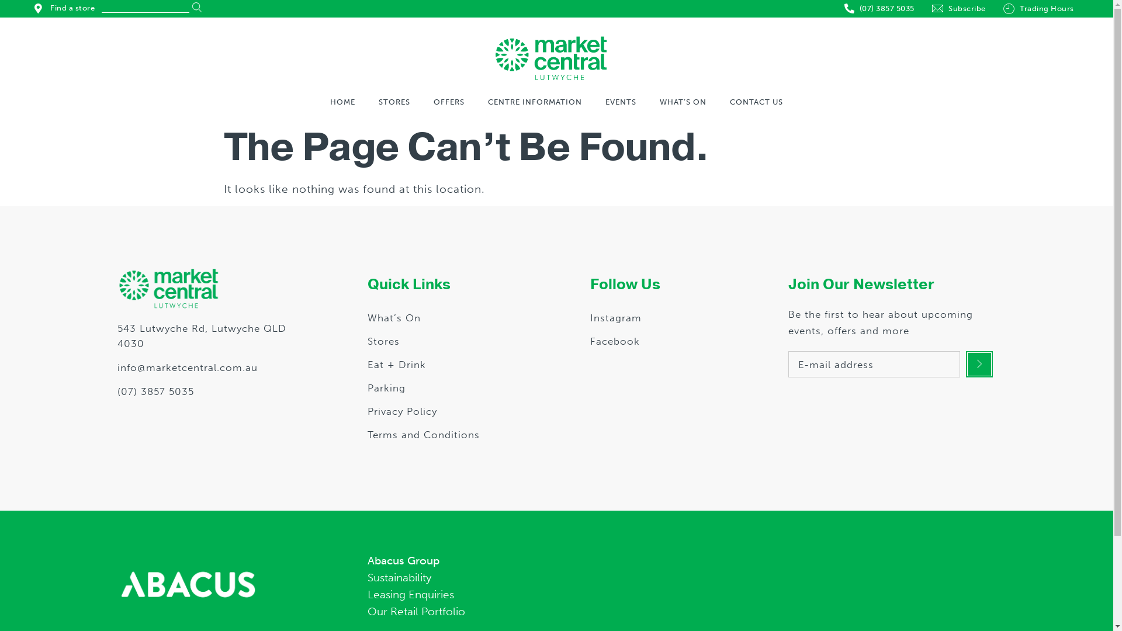  Describe the element at coordinates (671, 611) in the screenshot. I see `'Our Retail Portfolio'` at that location.